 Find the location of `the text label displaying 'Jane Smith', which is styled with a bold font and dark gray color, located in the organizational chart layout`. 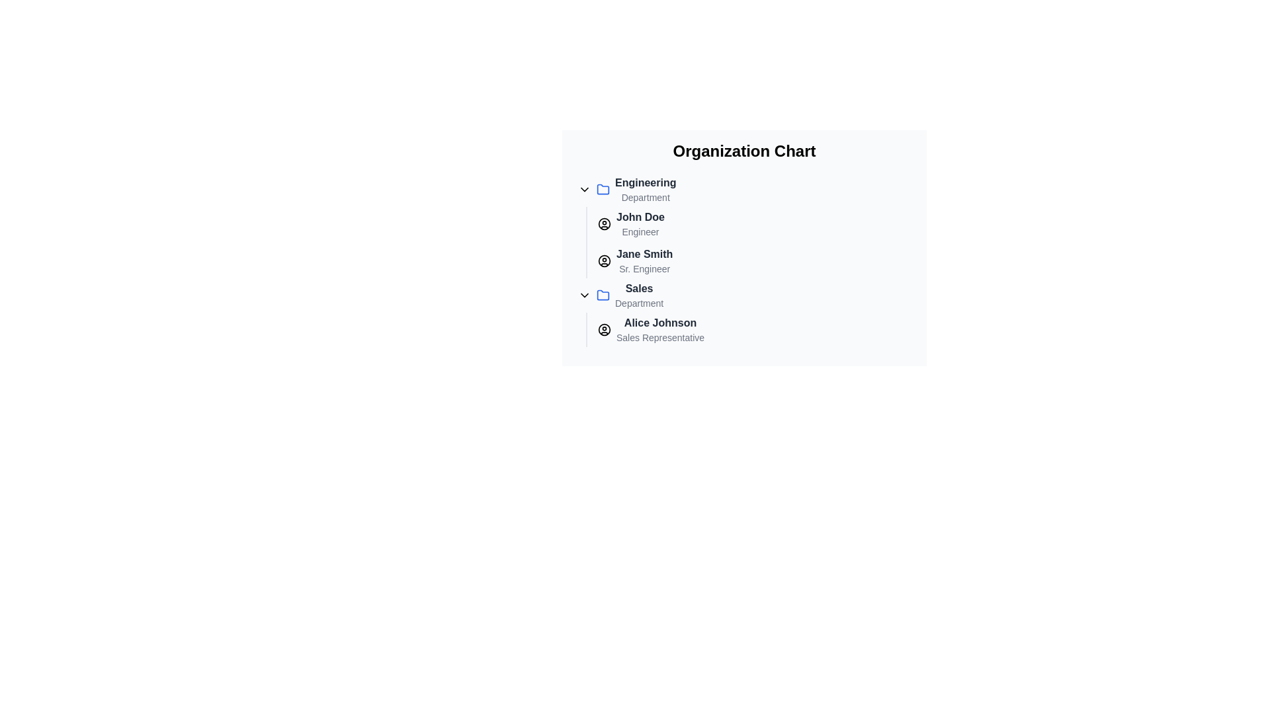

the text label displaying 'Jane Smith', which is styled with a bold font and dark gray color, located in the organizational chart layout is located at coordinates (644, 254).